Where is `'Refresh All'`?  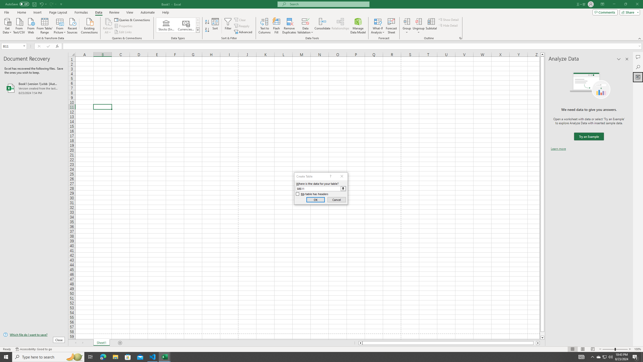 'Refresh All' is located at coordinates (108, 26).